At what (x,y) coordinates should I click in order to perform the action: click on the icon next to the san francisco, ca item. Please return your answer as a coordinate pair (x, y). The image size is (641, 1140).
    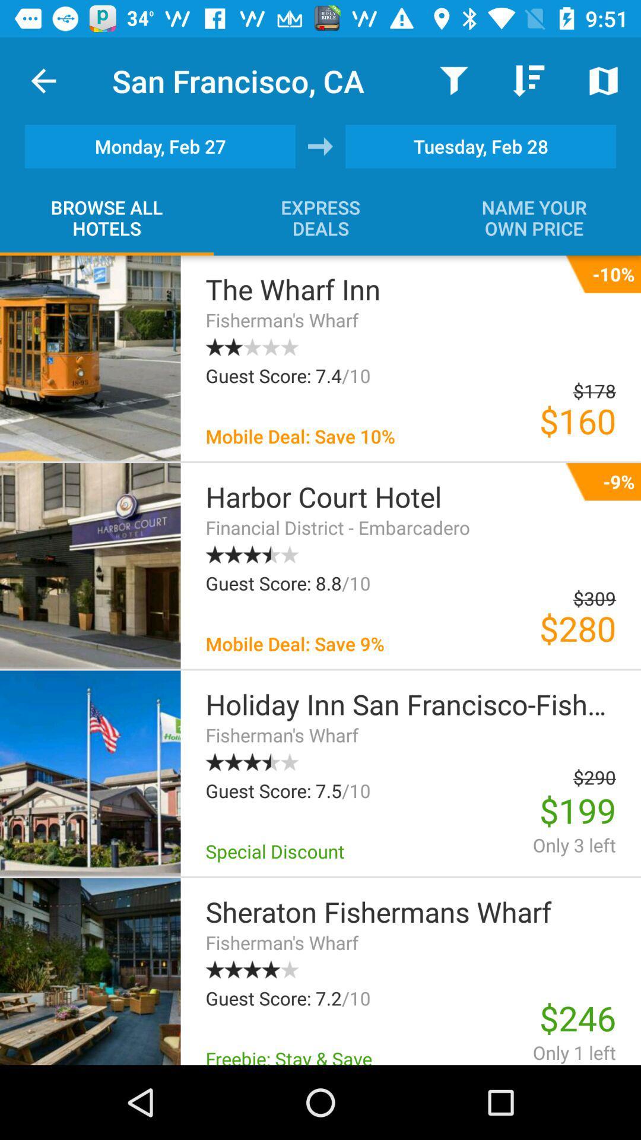
    Looking at the image, I should click on (43, 80).